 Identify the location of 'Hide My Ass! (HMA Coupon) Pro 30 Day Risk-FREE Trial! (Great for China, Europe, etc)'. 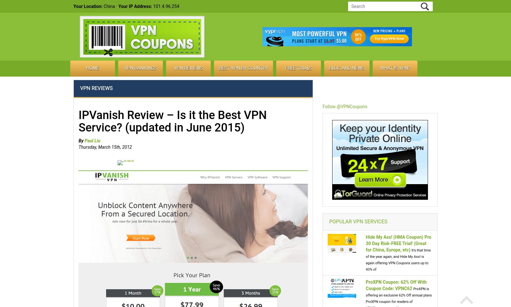
(398, 243).